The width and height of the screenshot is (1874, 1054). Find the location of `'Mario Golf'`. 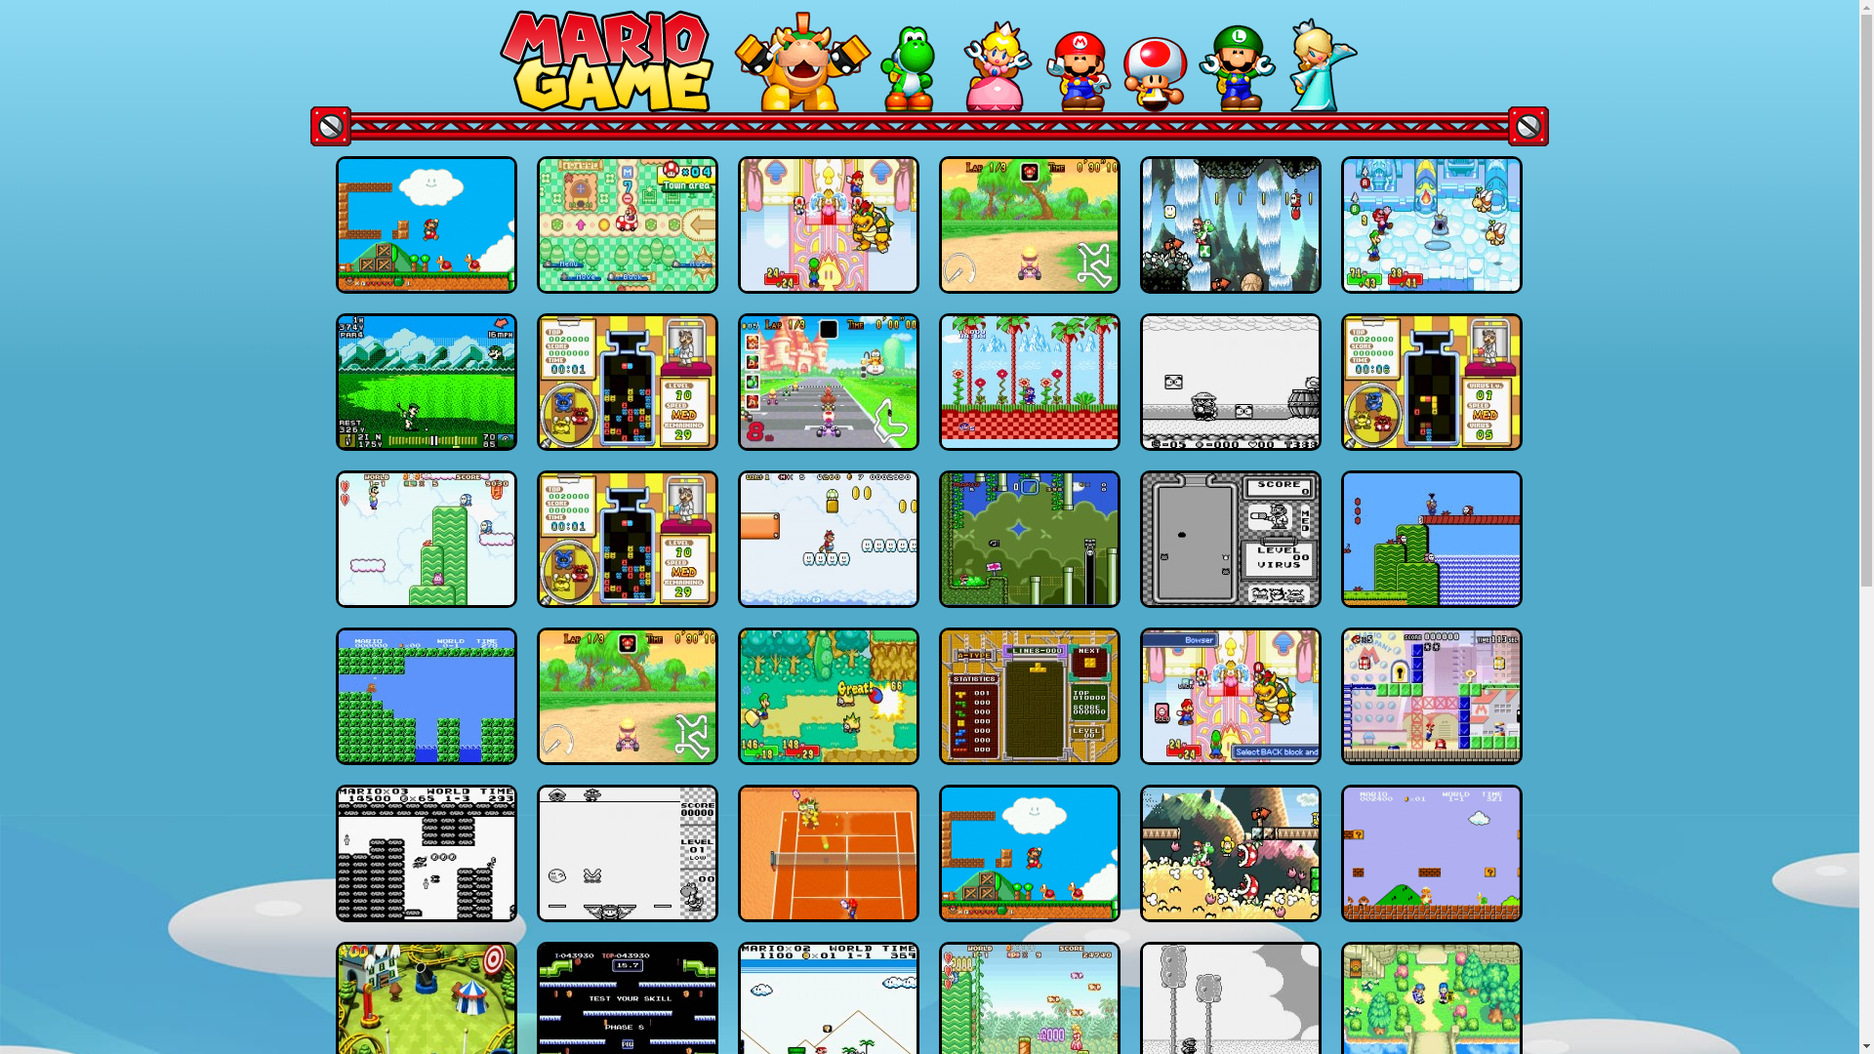

'Mario Golf' is located at coordinates (425, 380).